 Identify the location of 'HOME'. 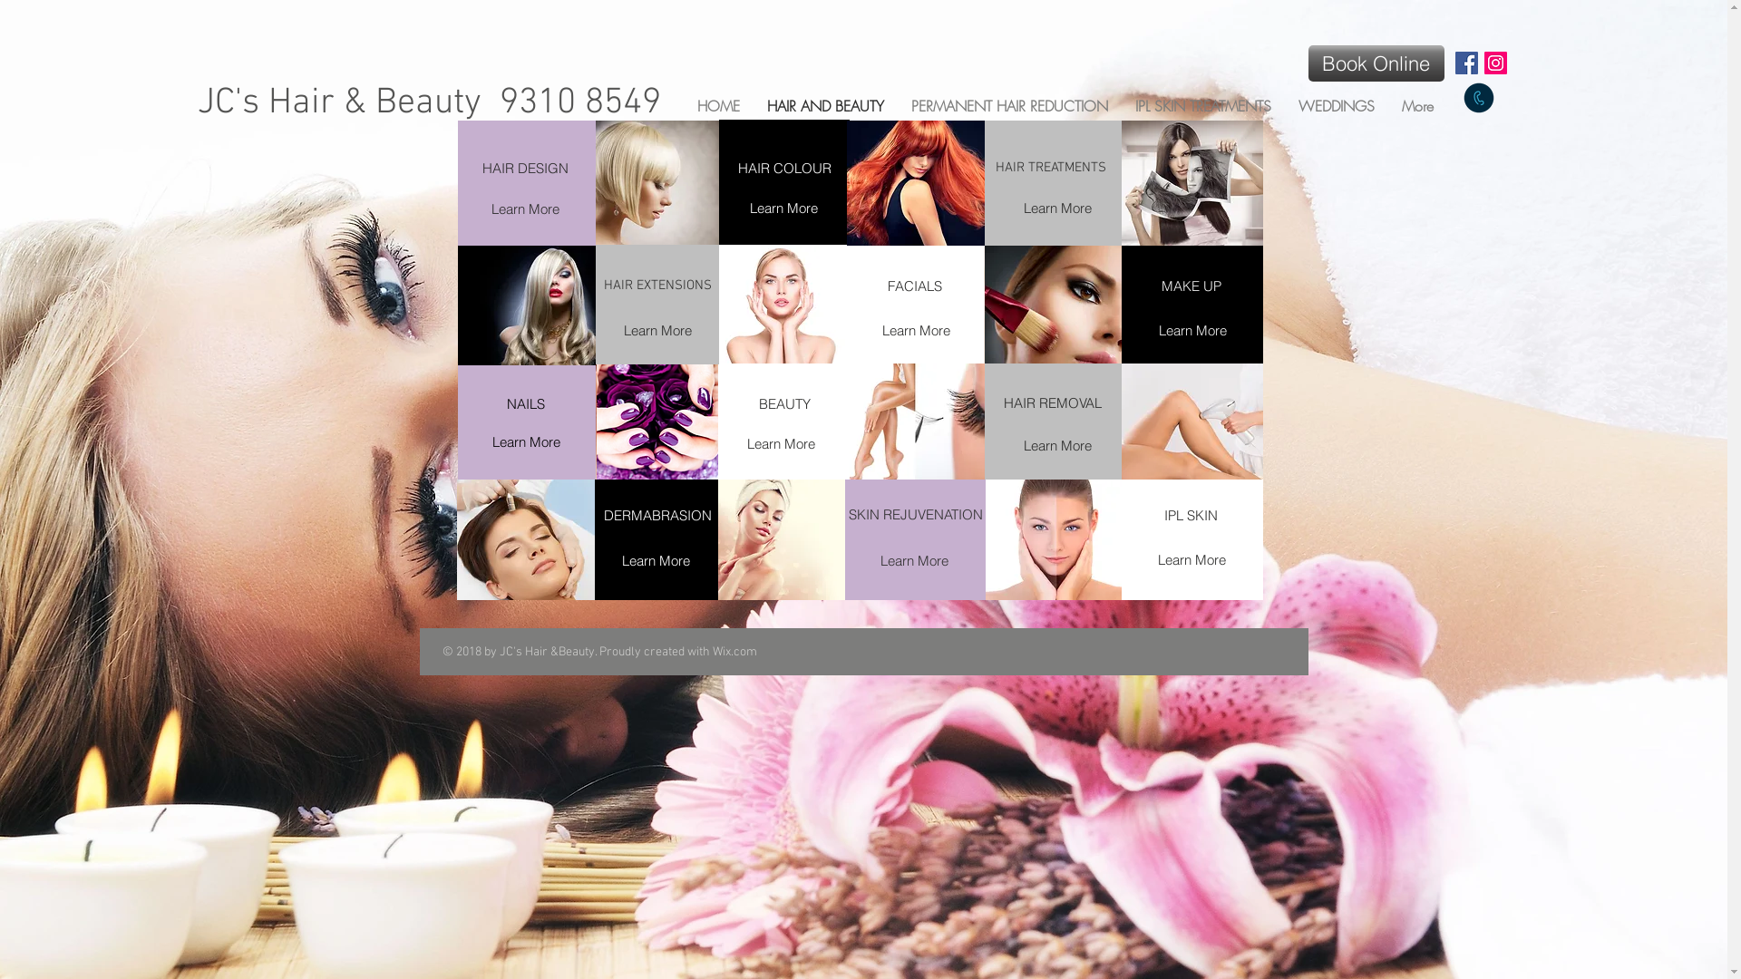
(717, 104).